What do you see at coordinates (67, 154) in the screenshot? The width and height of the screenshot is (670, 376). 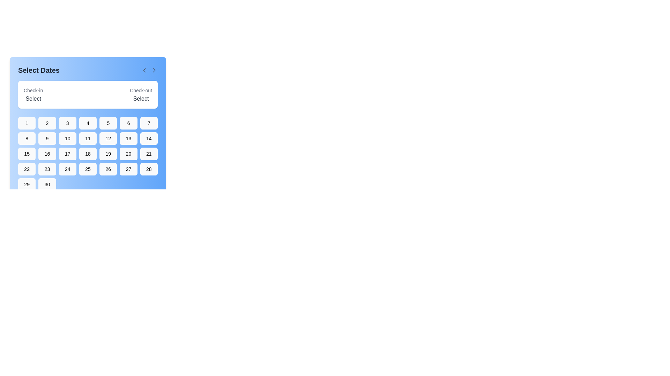 I see `the squared button with rounded corners labeled '17' in the calendar grid under the 'Select Dates' section` at bounding box center [67, 154].